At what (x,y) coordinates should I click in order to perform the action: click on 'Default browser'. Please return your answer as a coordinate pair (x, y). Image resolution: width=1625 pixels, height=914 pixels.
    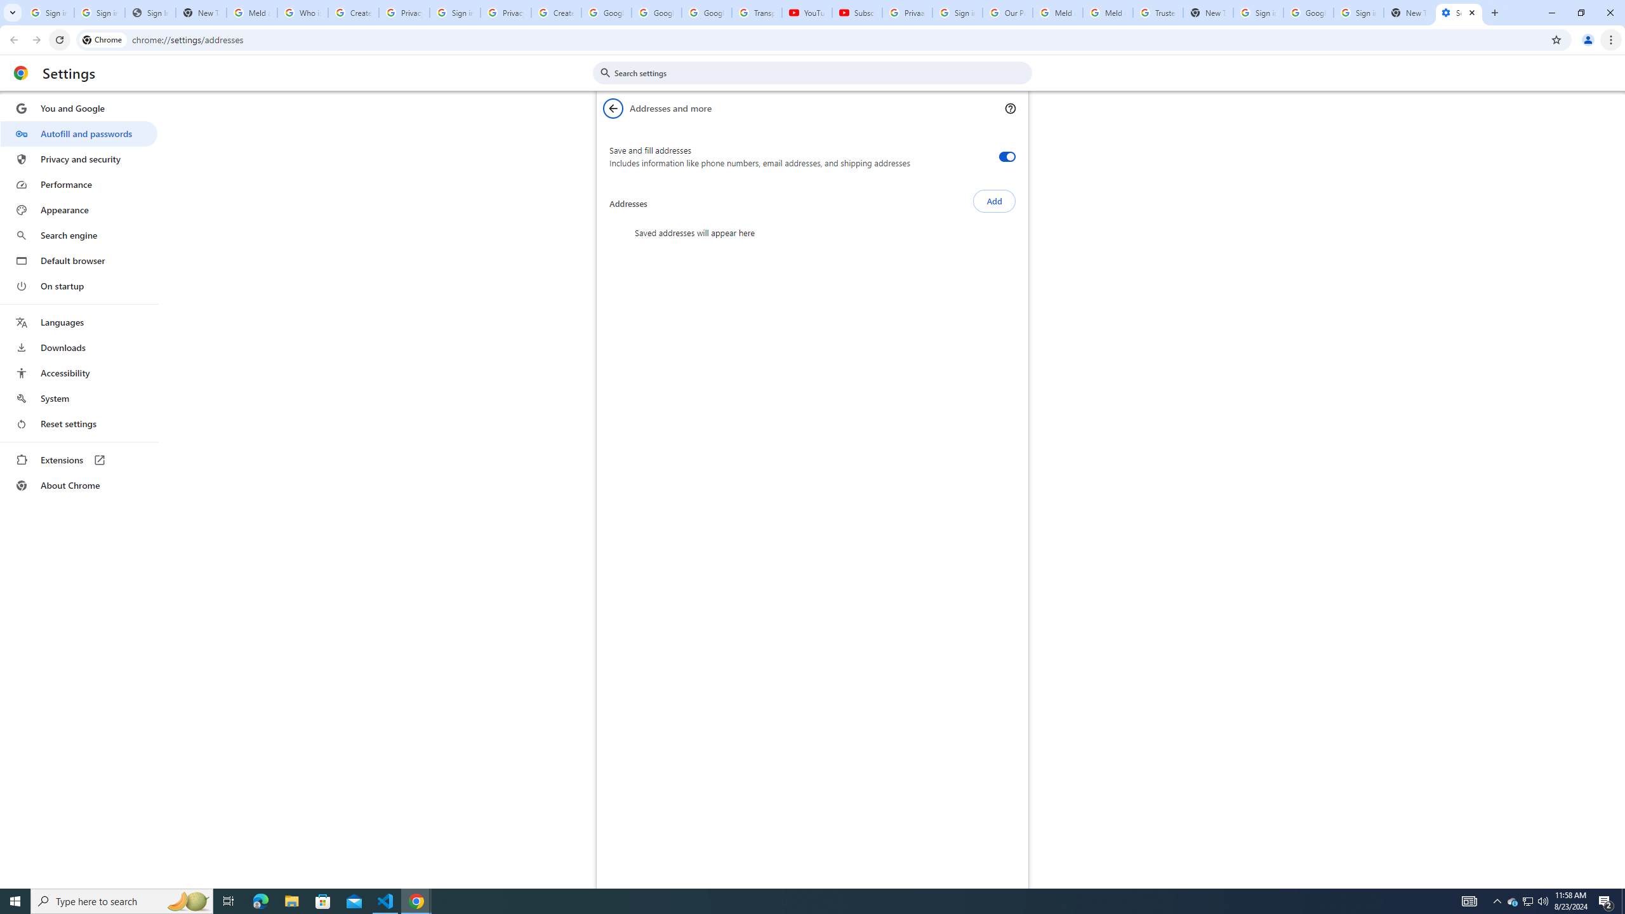
    Looking at the image, I should click on (78, 260).